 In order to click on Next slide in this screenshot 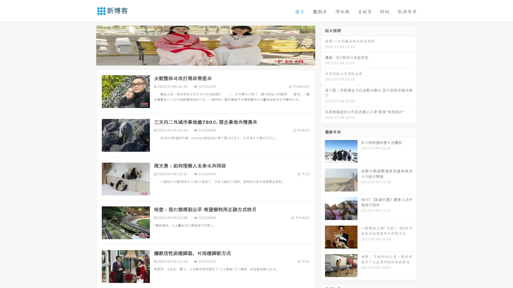, I will do `click(323, 45)`.